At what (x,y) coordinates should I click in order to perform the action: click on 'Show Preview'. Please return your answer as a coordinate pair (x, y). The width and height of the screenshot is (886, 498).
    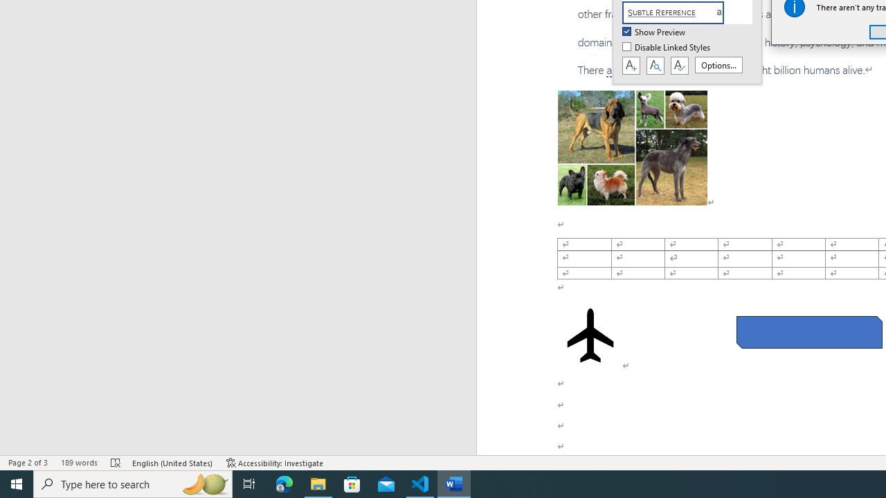
    Looking at the image, I should click on (654, 32).